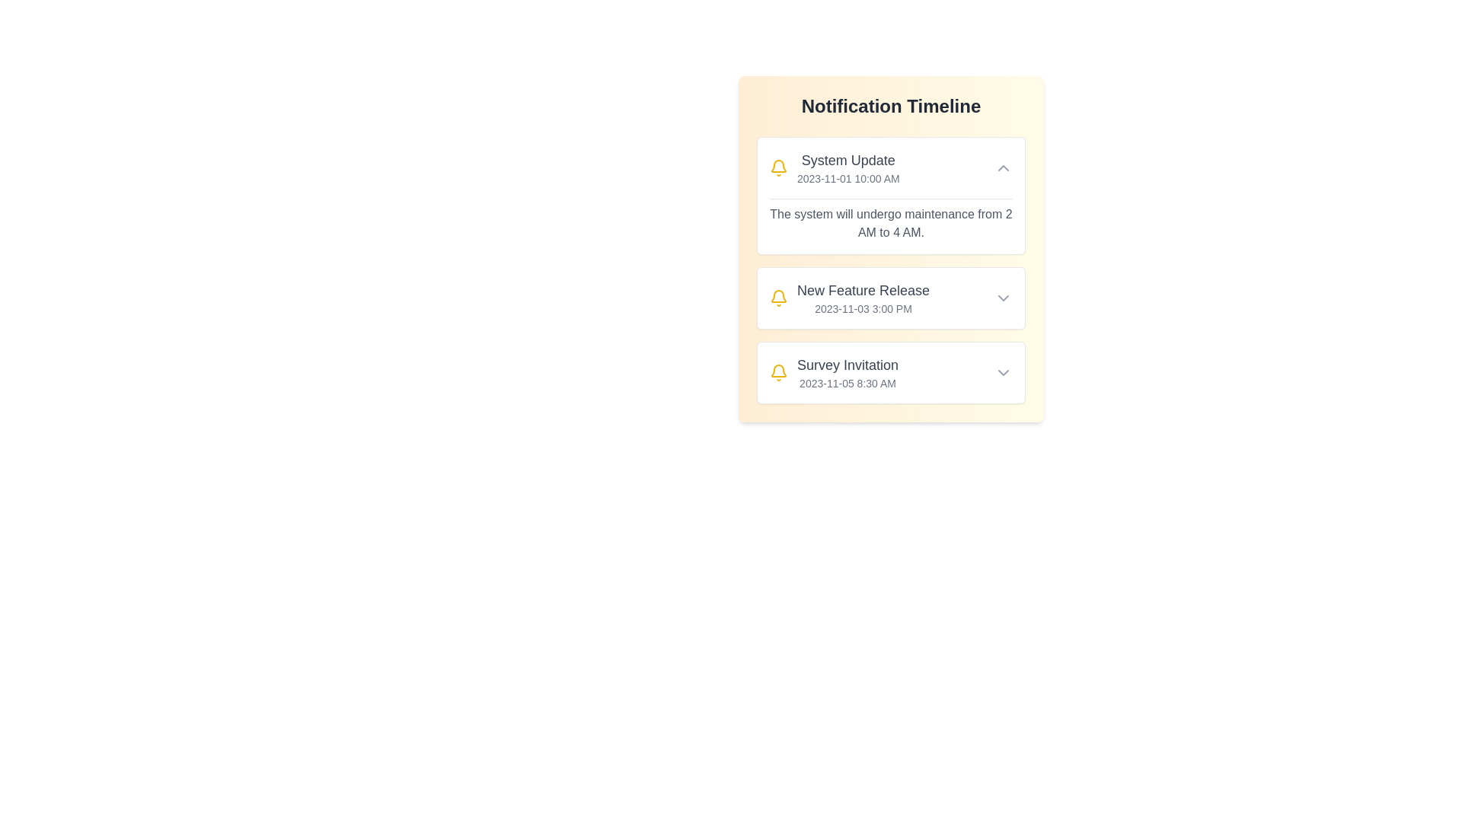 The width and height of the screenshot is (1462, 822). What do you see at coordinates (891, 372) in the screenshot?
I see `the notification entry for the survey invitation scheduled for '2023-11-05 8:30 AM'` at bounding box center [891, 372].